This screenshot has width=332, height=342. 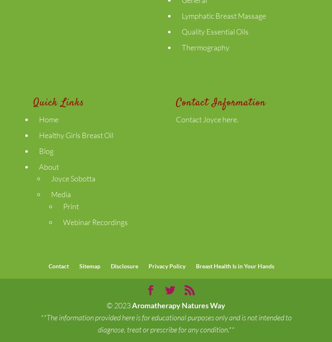 What do you see at coordinates (76, 135) in the screenshot?
I see `'Healthy Girls Breast Oil'` at bounding box center [76, 135].